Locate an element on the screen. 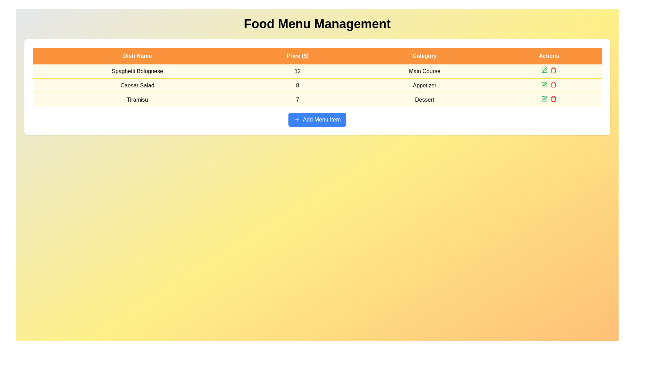  the static text label displaying 'Dessert' located in the 'Category' column of the third row of the table is located at coordinates (424, 100).